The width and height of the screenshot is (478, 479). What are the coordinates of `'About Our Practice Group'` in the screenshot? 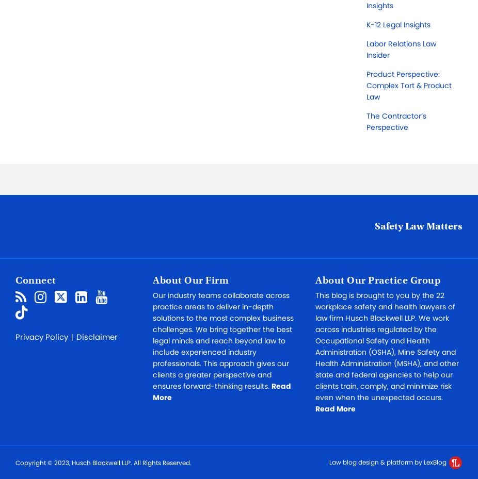 It's located at (314, 279).